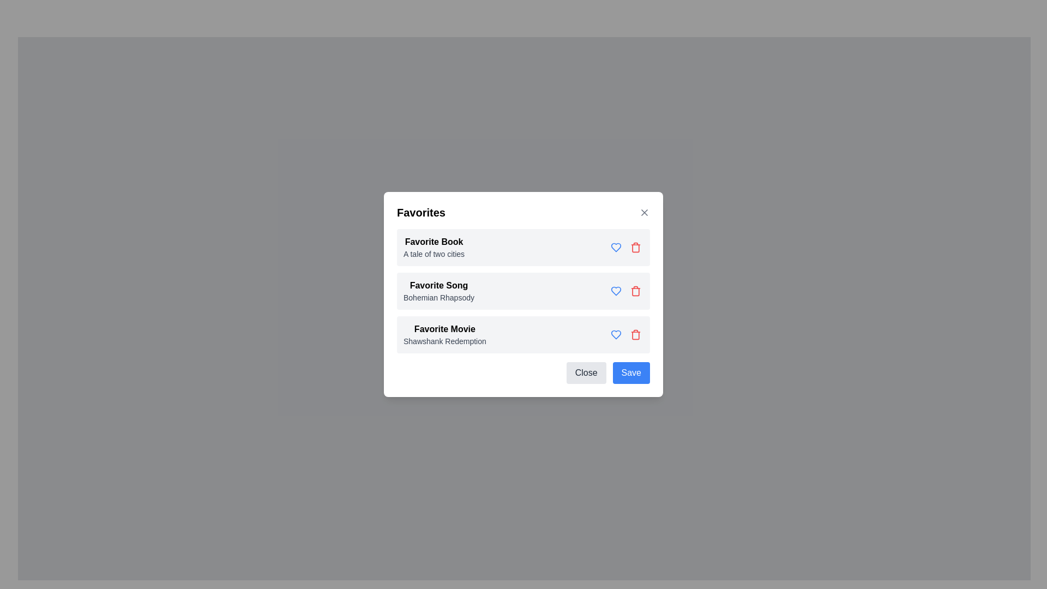  What do you see at coordinates (434, 254) in the screenshot?
I see `the static text label displaying 'A tale of two cities', which is located directly below the bold label 'Favorite Book' in the 'Favorites' section` at bounding box center [434, 254].